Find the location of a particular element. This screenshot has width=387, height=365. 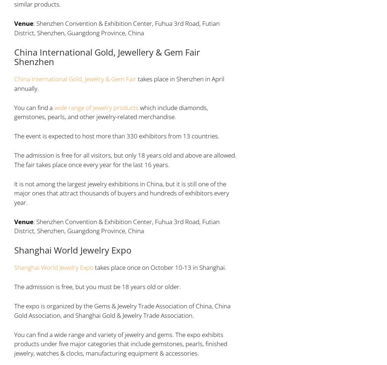

'You can find a wide range and variety of jewelry and gems. The expo exhibits products under five major categories that include gemstones, pearls, finished jewelry, watches & clocks, manufacturing equipment & accessories.' is located at coordinates (120, 343).